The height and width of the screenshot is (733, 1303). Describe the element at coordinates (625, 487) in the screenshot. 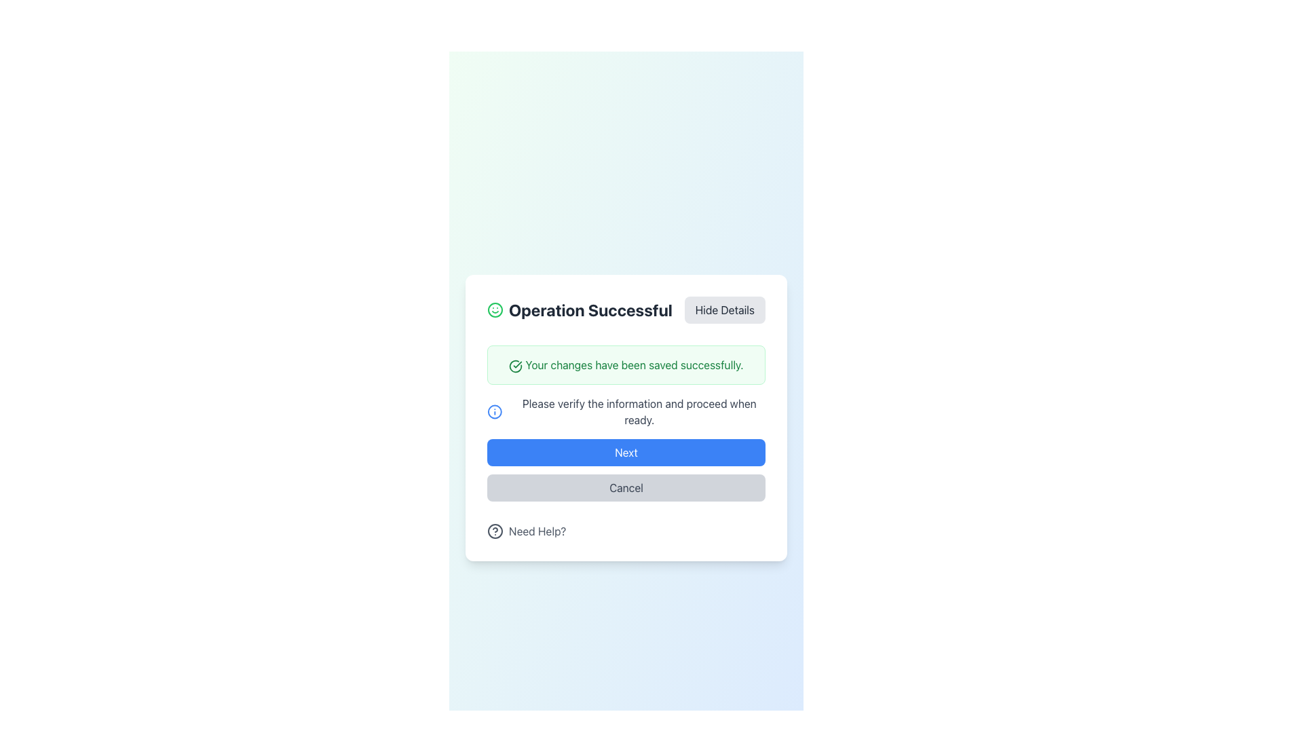

I see `the 'Cancel' button, which is a rectangular button with rounded corners, light gray background, and dark gray text, to observe a background color change` at that location.